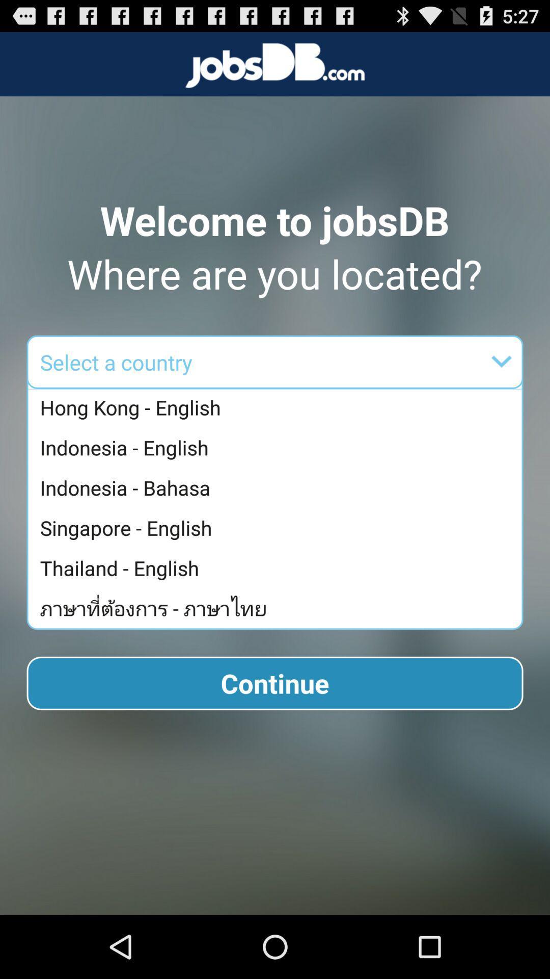  I want to click on the indonesia - english app, so click(278, 447).